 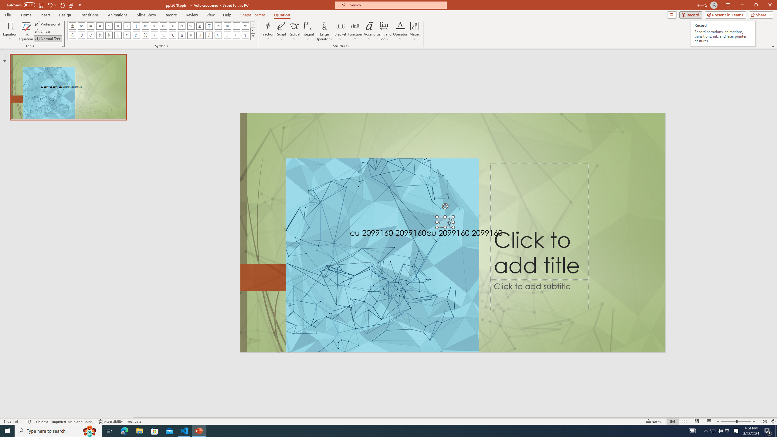 I want to click on 'Linear', so click(x=43, y=31).